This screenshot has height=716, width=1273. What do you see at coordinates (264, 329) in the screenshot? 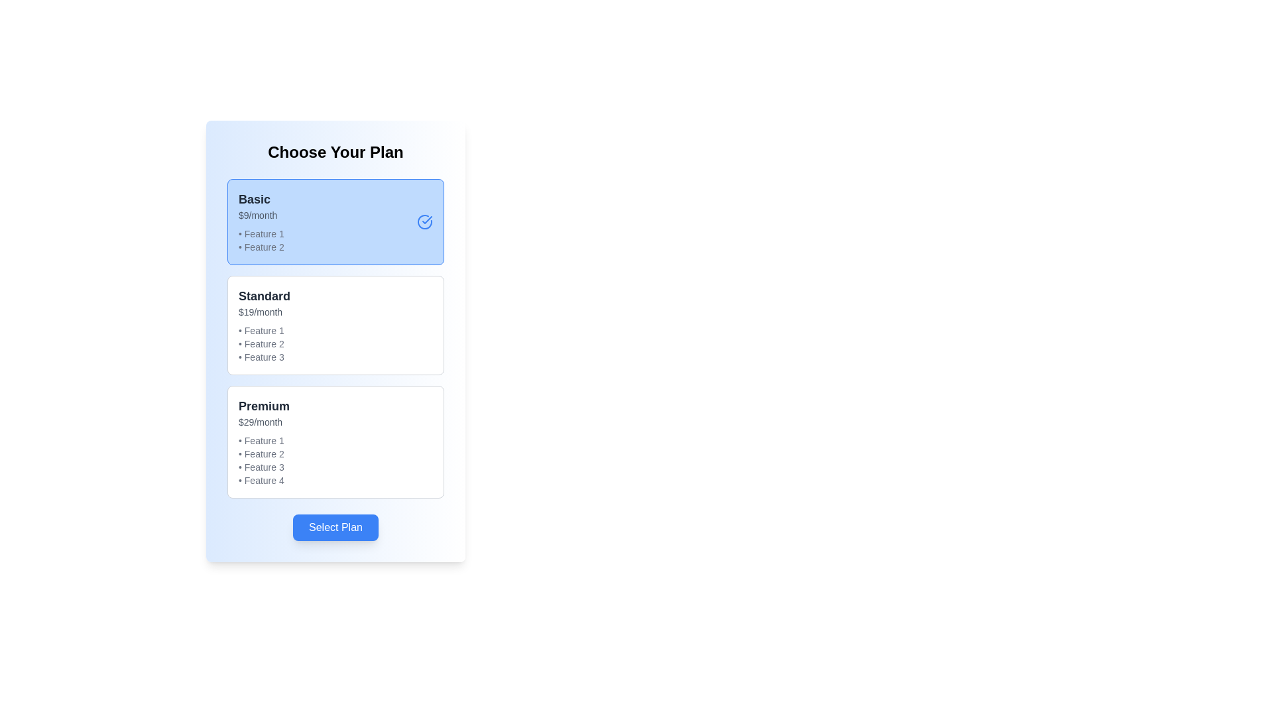
I see `the static text that visually indicates a feature included in the 'Standard' plan, which is the first item in the list of options` at bounding box center [264, 329].